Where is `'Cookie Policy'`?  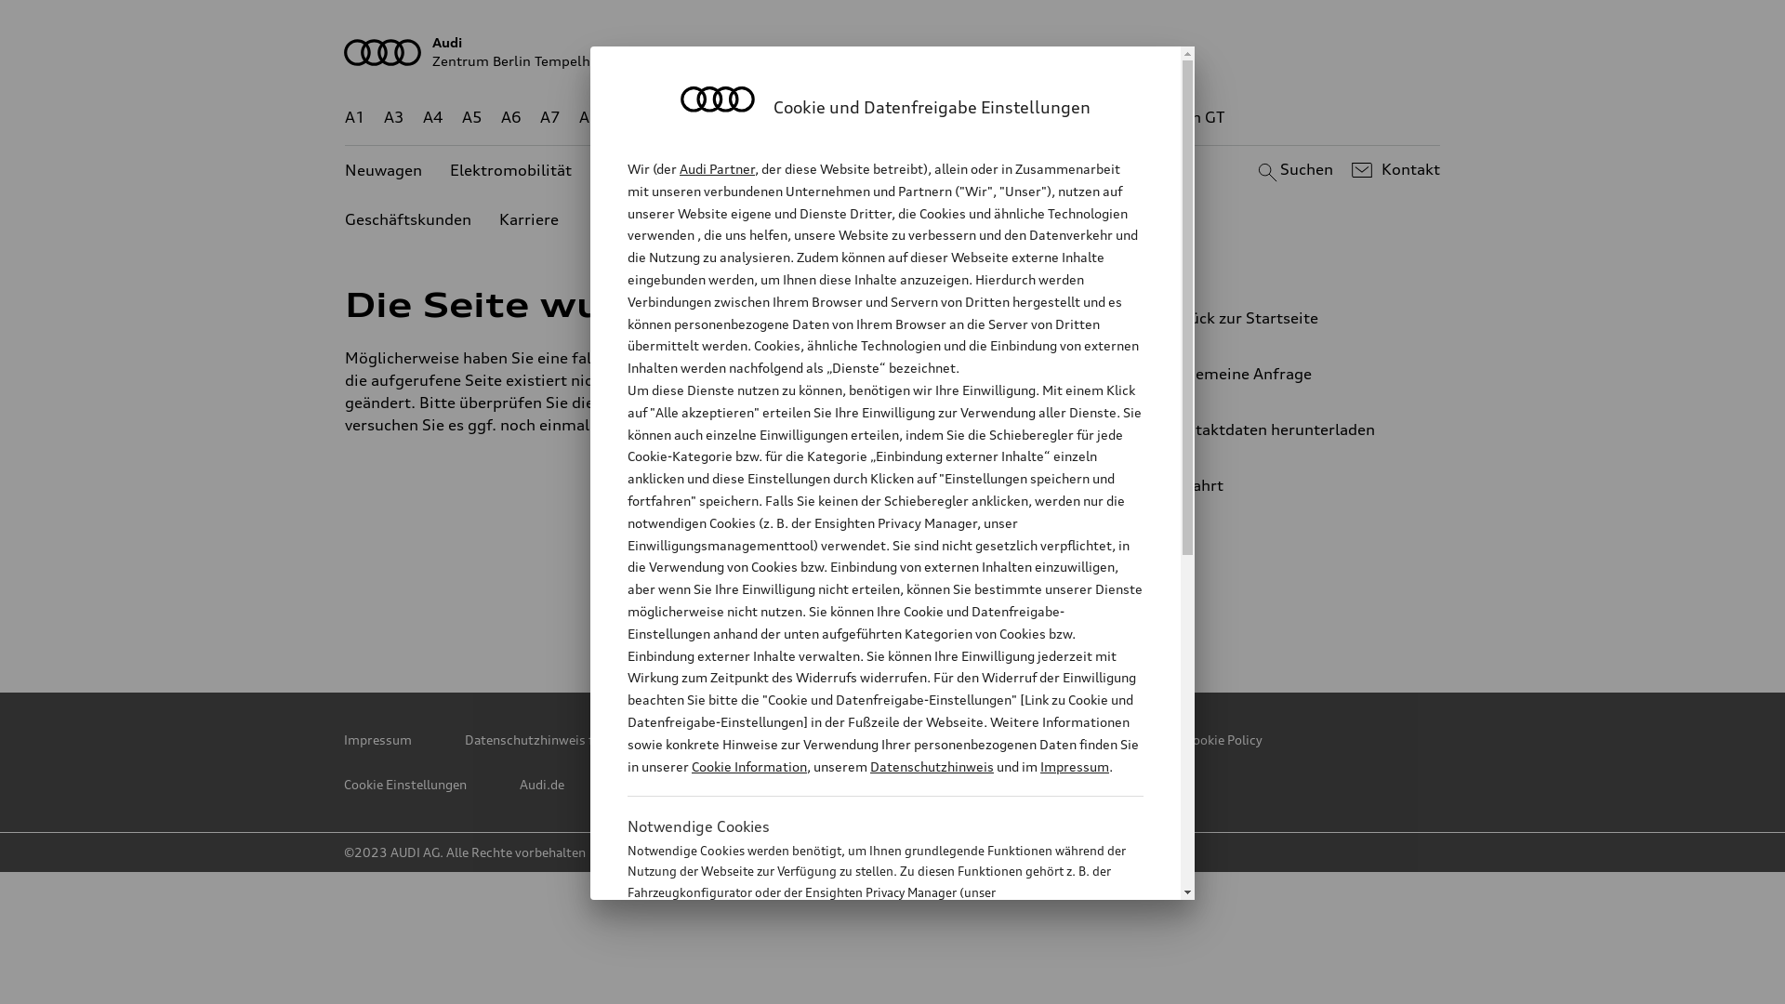 'Cookie Policy' is located at coordinates (1184, 738).